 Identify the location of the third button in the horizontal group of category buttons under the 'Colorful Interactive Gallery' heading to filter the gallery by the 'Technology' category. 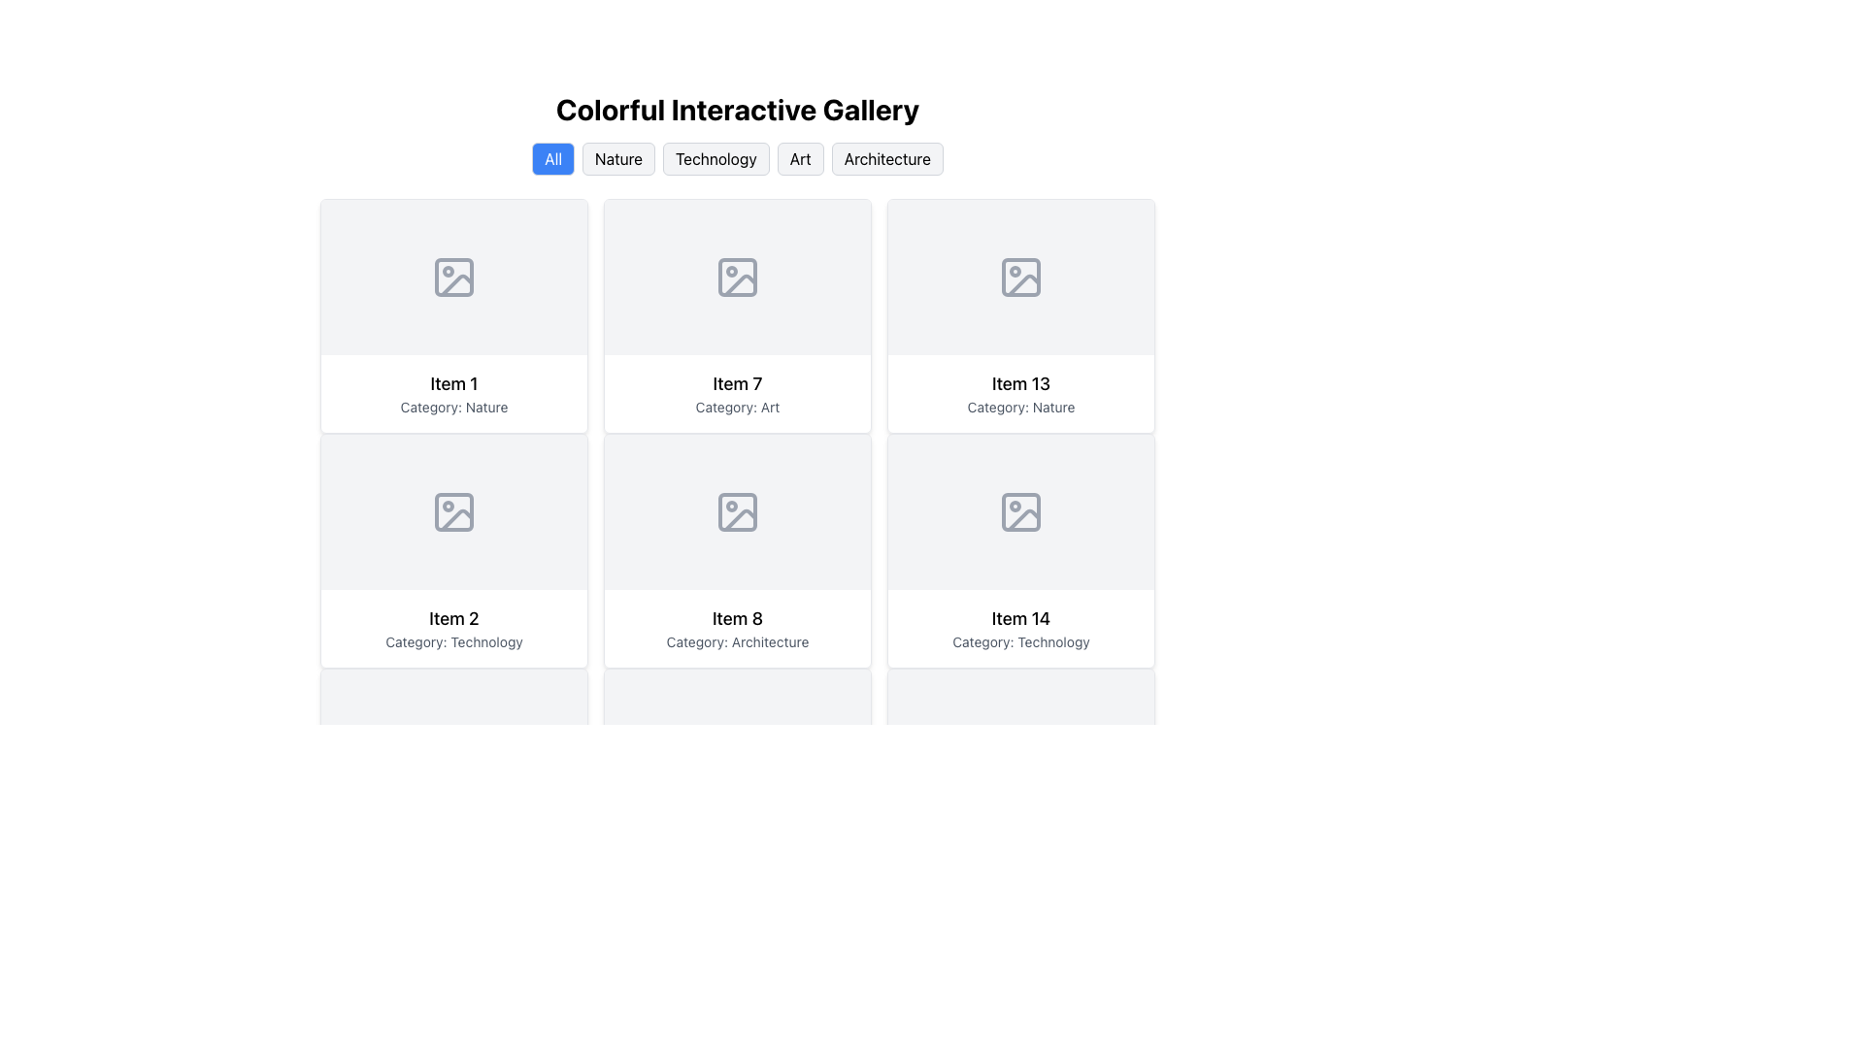
(715, 158).